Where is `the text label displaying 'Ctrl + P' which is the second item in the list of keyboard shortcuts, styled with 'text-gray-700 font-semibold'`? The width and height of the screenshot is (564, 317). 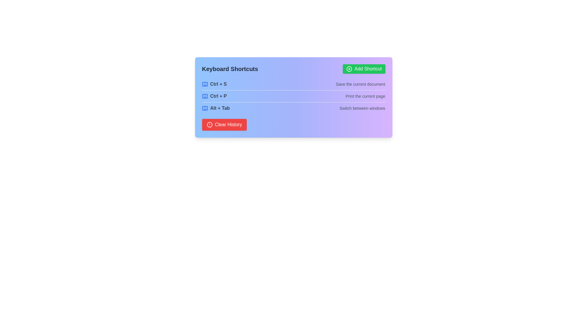
the text label displaying 'Ctrl + P' which is the second item in the list of keyboard shortcuts, styled with 'text-gray-700 font-semibold' is located at coordinates (218, 96).